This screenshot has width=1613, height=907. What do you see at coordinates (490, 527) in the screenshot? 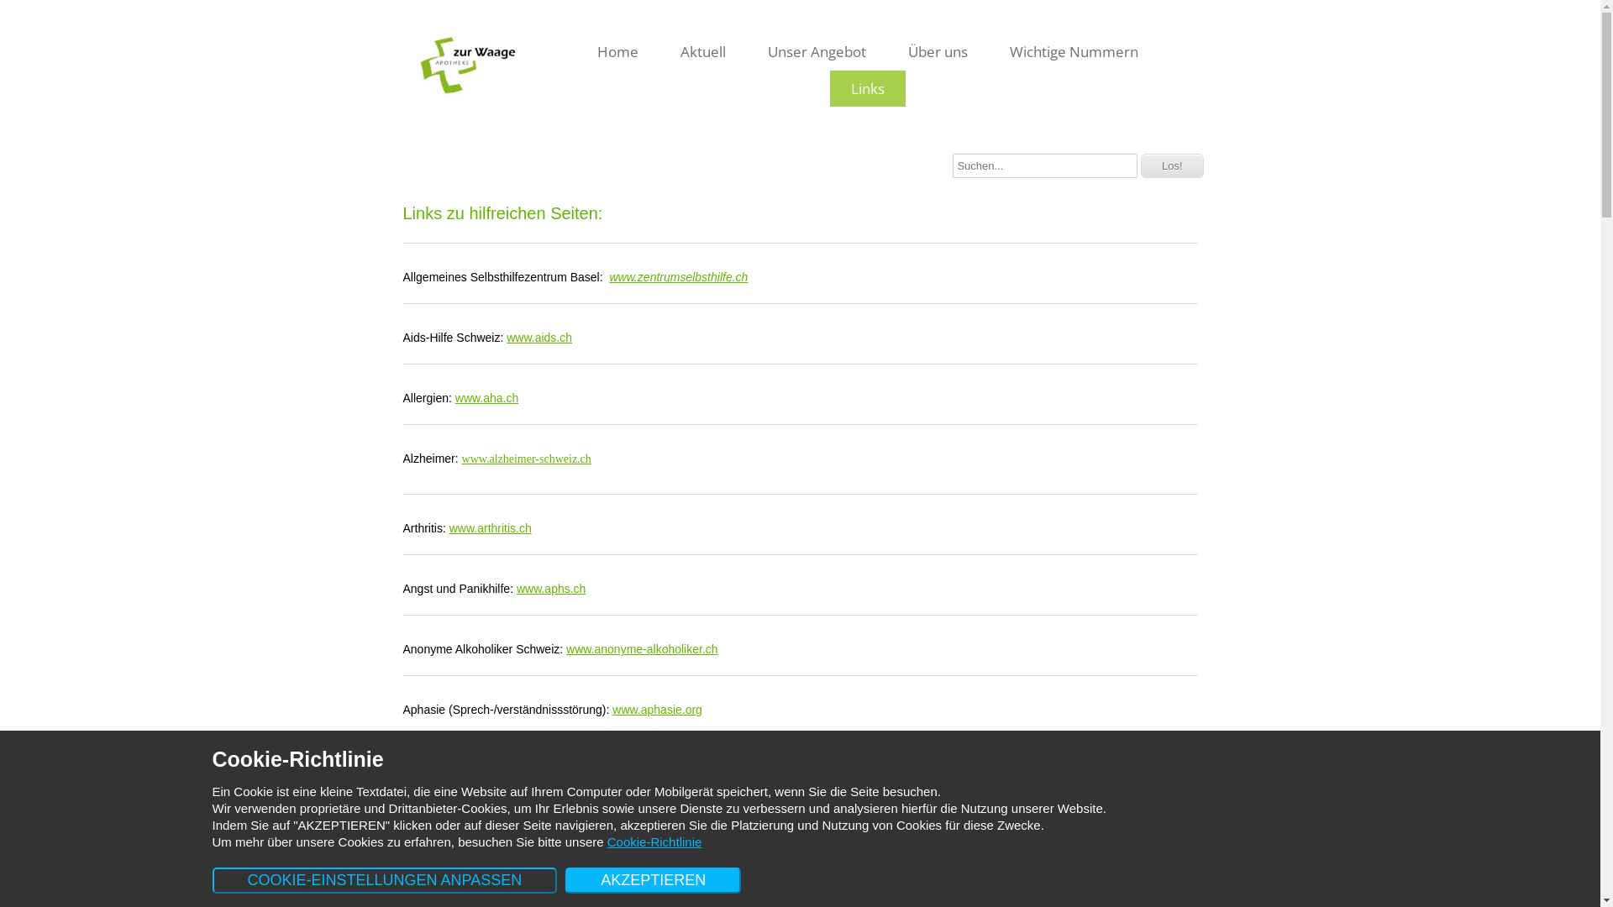
I see `'www.arthritis.ch'` at bounding box center [490, 527].